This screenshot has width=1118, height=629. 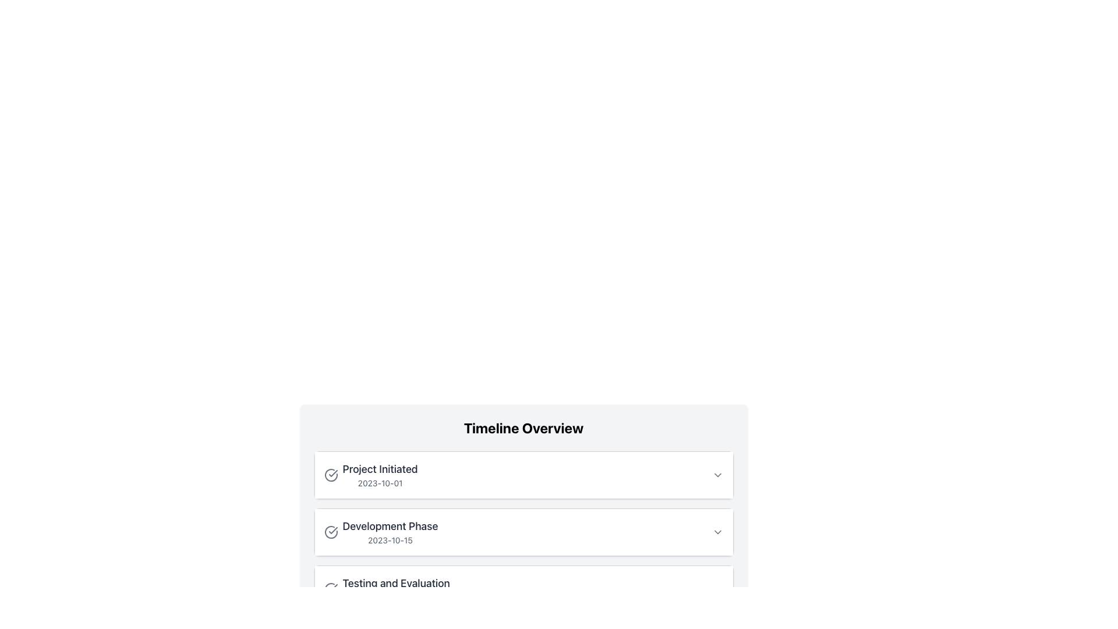 What do you see at coordinates (370, 475) in the screenshot?
I see `the informational text block displaying 'Project Initiated' with a checkmark icon, located in the 'Timeline Overview' section` at bounding box center [370, 475].